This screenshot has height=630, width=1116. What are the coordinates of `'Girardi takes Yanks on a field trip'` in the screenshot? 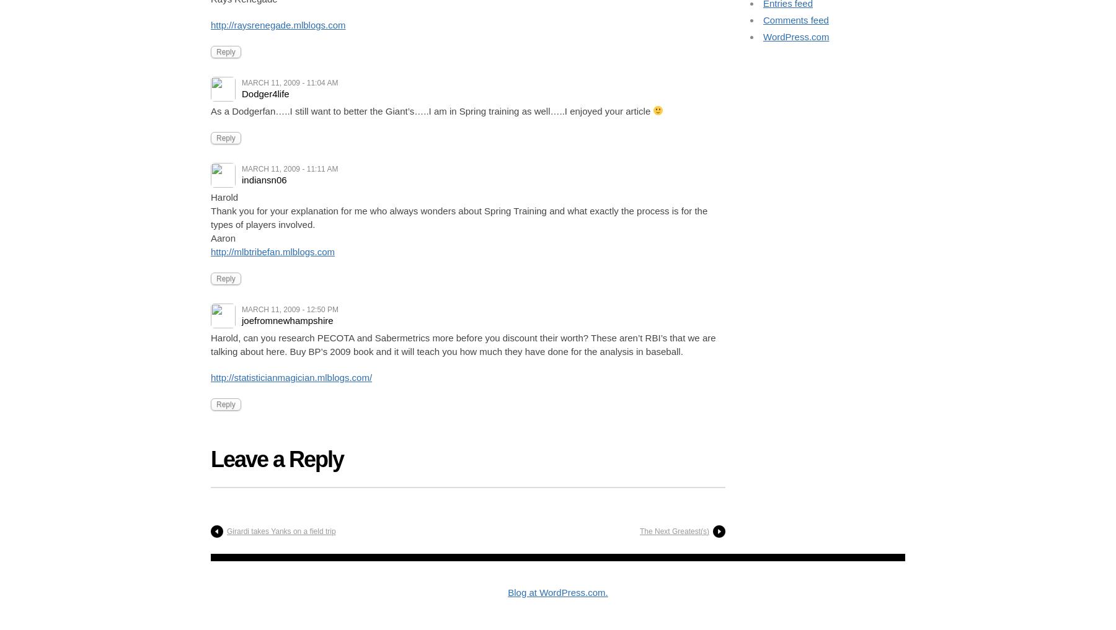 It's located at (280, 531).